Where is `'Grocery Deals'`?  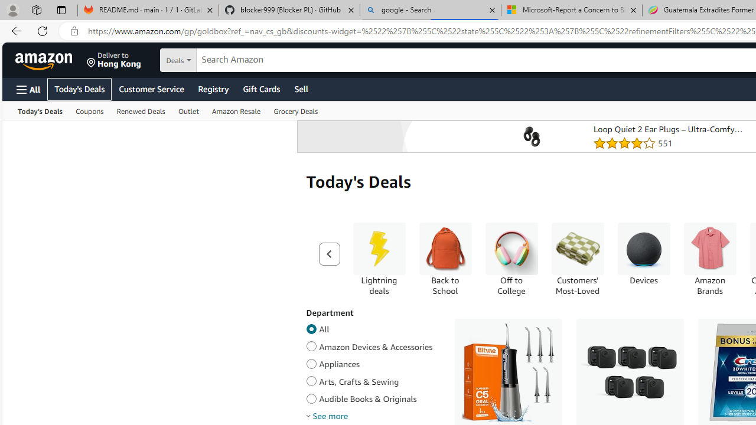 'Grocery Deals' is located at coordinates (296, 110).